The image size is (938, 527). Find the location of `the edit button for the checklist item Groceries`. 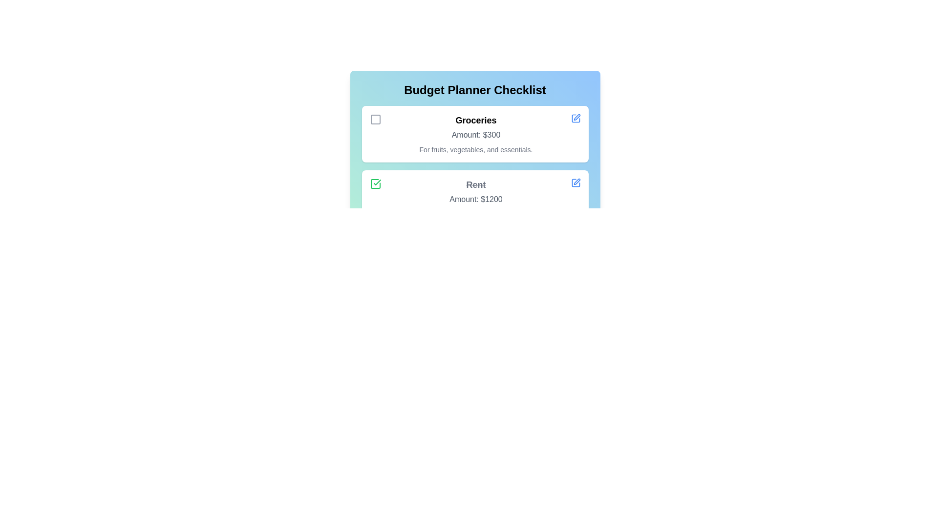

the edit button for the checklist item Groceries is located at coordinates (576, 118).